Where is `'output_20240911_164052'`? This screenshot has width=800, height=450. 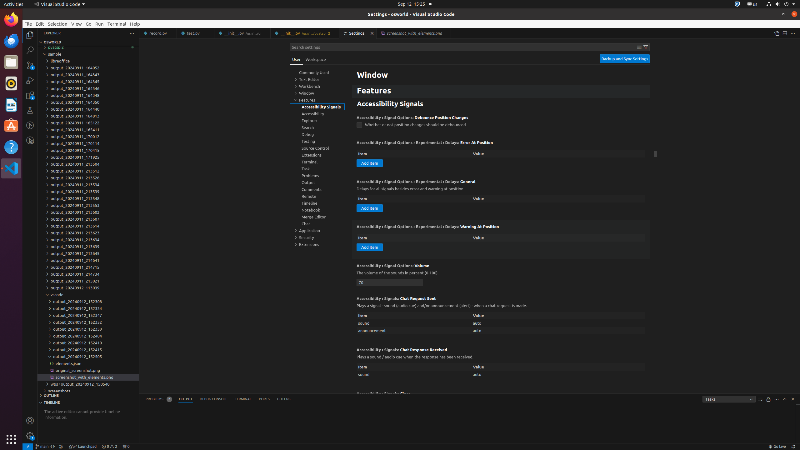 'output_20240911_164052' is located at coordinates (88, 68).